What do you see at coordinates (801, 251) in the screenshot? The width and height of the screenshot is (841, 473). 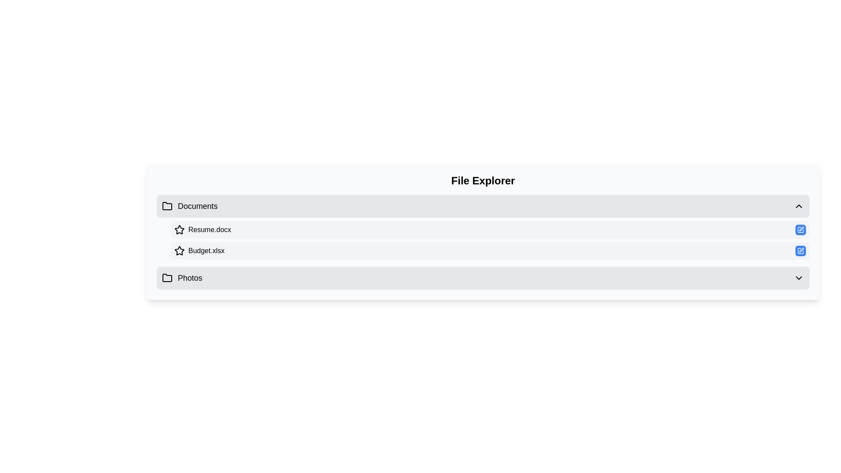 I see `the action button located at the top right corner of the row labeled 'Budget.xlsx' to initiate an action` at bounding box center [801, 251].